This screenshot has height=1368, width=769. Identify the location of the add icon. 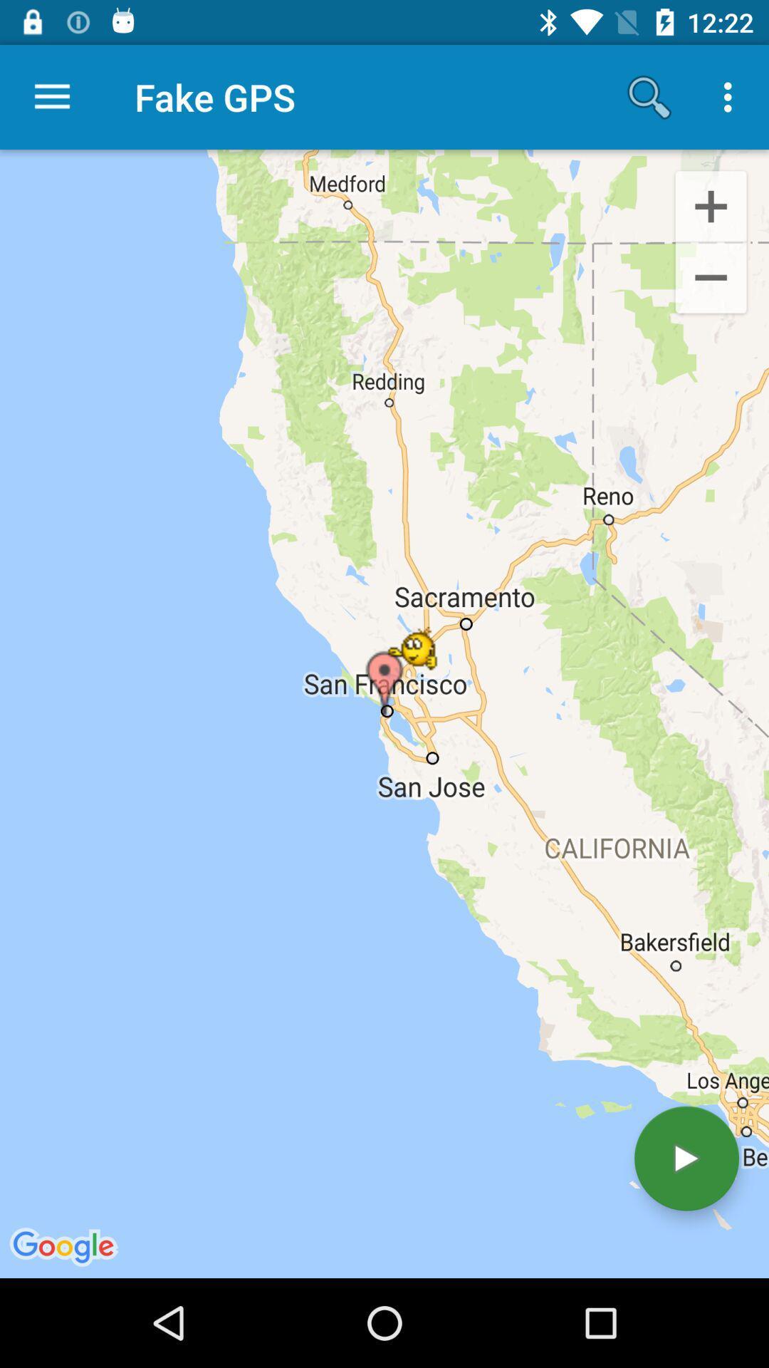
(711, 204).